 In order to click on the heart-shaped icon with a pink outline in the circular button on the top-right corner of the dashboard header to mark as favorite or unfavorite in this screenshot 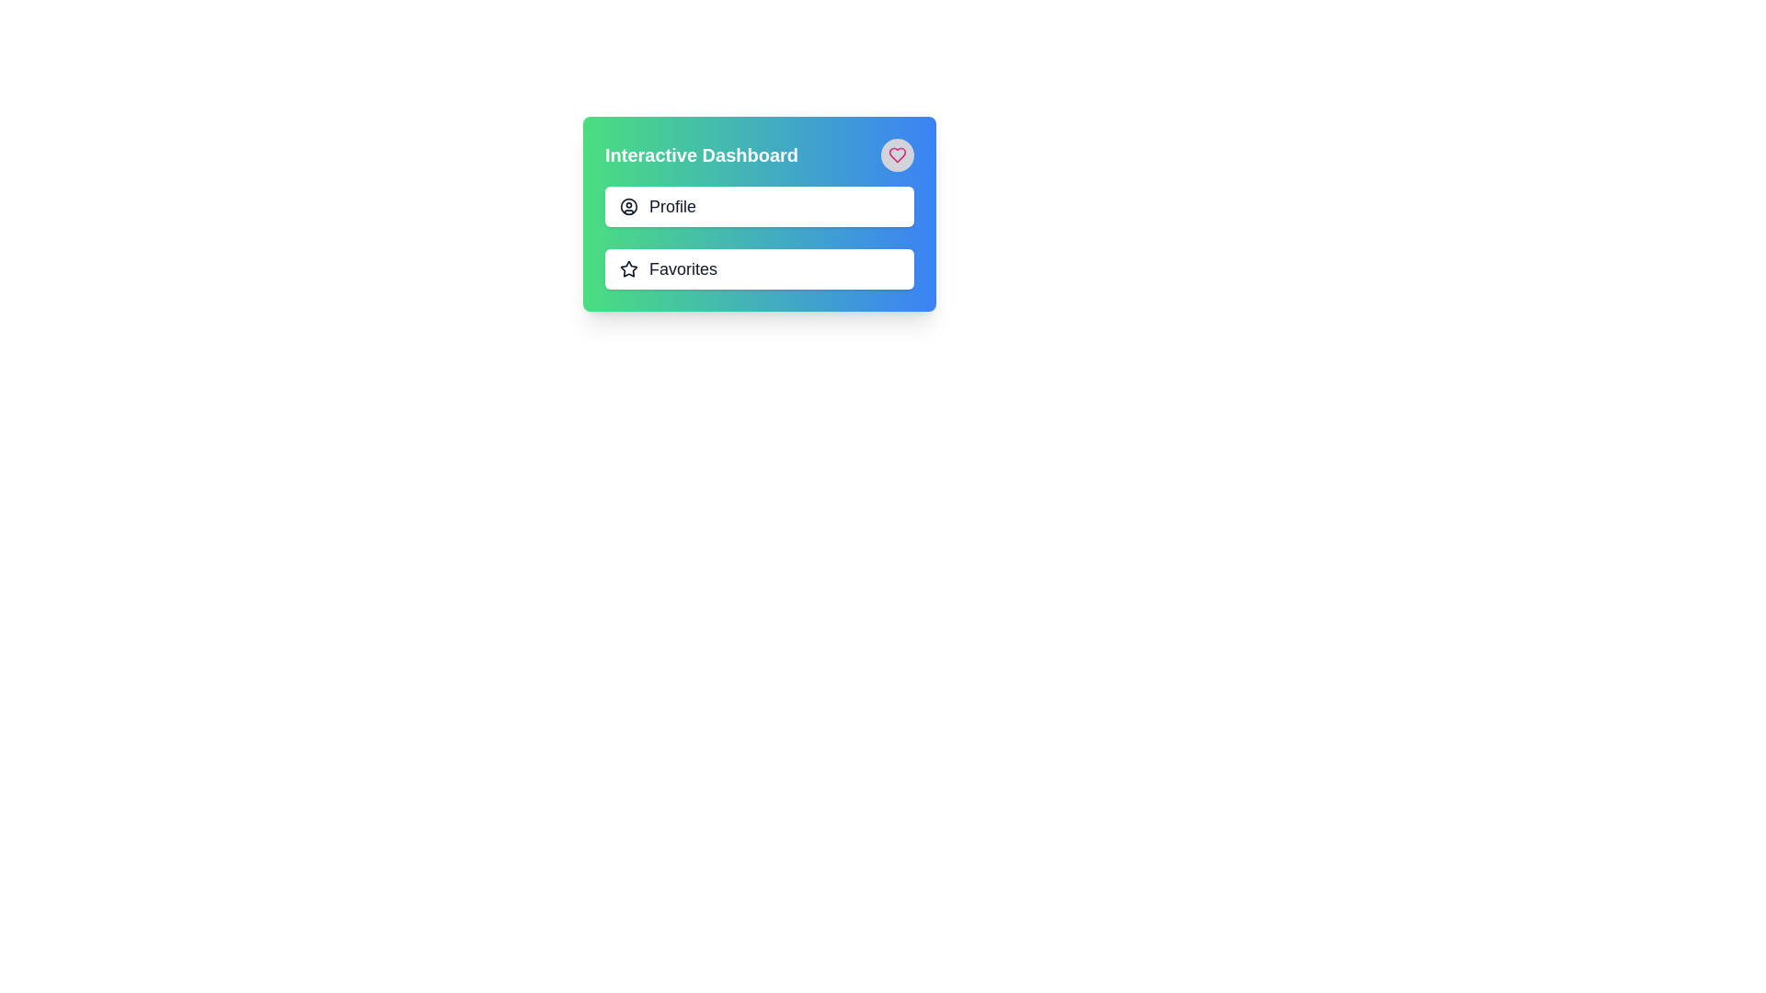, I will do `click(897, 154)`.